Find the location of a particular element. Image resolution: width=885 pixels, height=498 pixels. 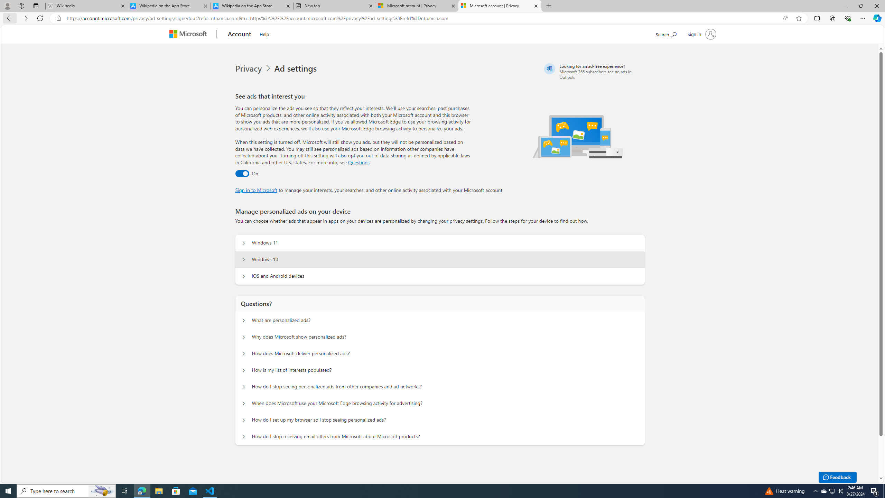

'Help' is located at coordinates (264, 33).